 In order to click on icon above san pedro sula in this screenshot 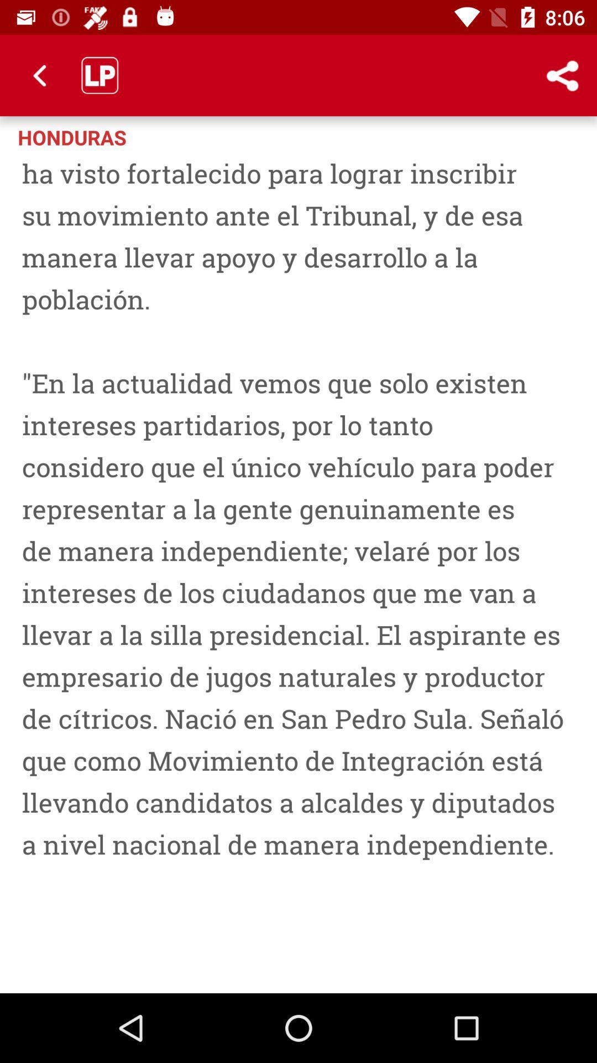, I will do `click(517, 136)`.